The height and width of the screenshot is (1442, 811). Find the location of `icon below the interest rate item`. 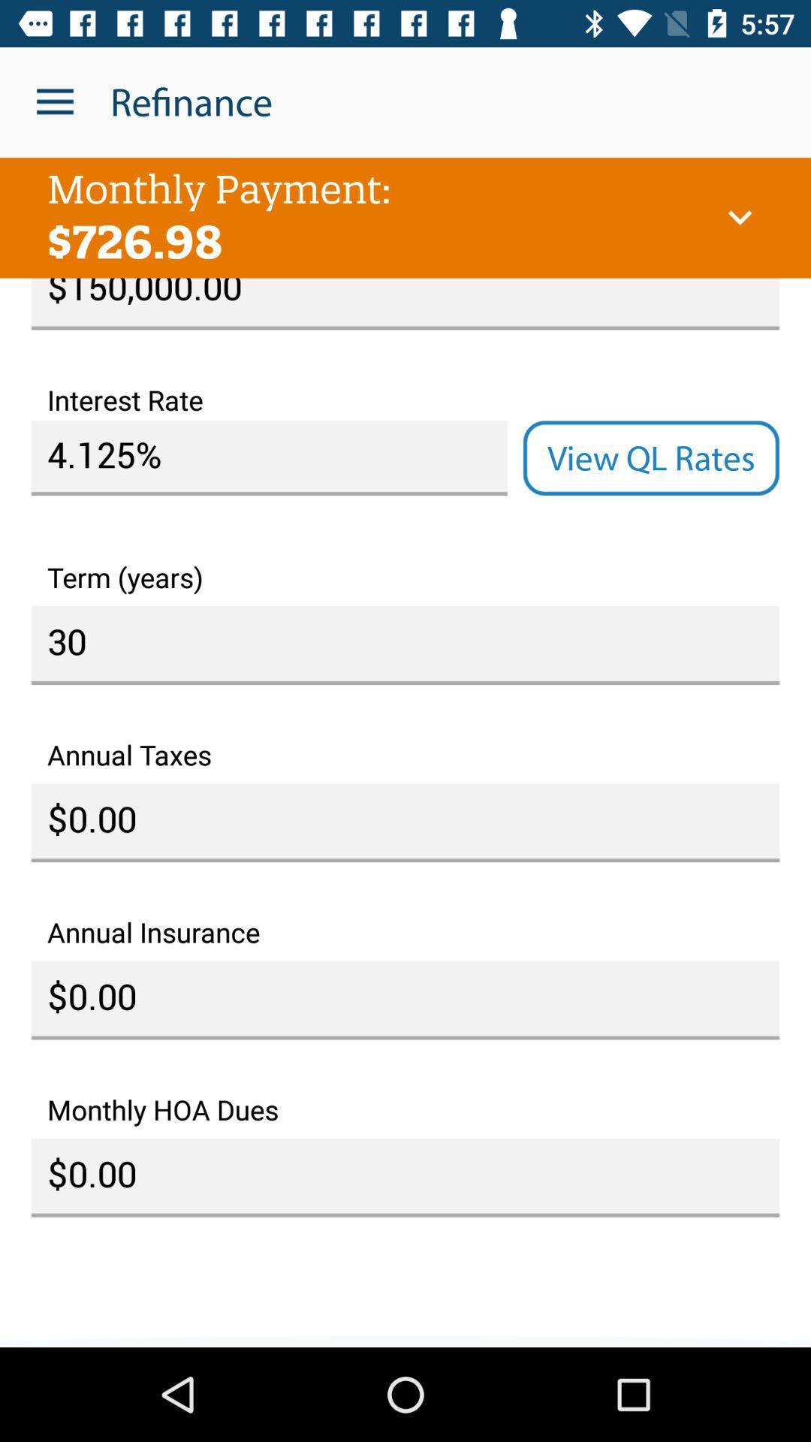

icon below the interest rate item is located at coordinates (268, 457).